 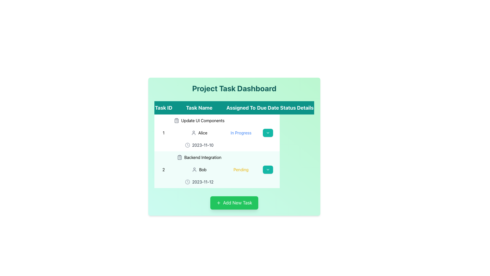 I want to click on the 'Assigned To' static header text in the table, which is the third column header from the left, positioned between 'Task Name' and 'Due Date', so click(x=241, y=107).